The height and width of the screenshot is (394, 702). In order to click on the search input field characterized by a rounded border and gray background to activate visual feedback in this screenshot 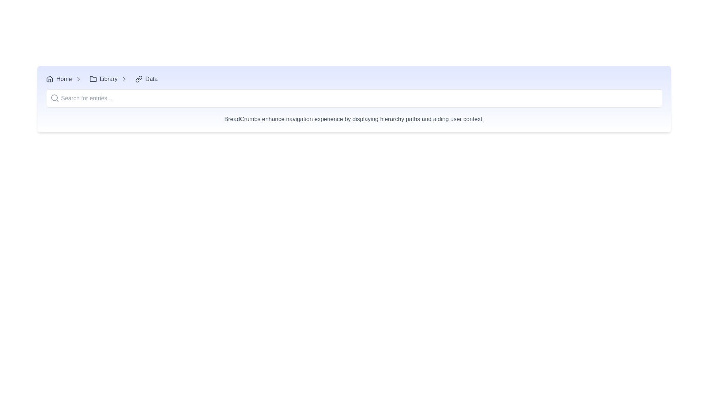, I will do `click(354, 98)`.